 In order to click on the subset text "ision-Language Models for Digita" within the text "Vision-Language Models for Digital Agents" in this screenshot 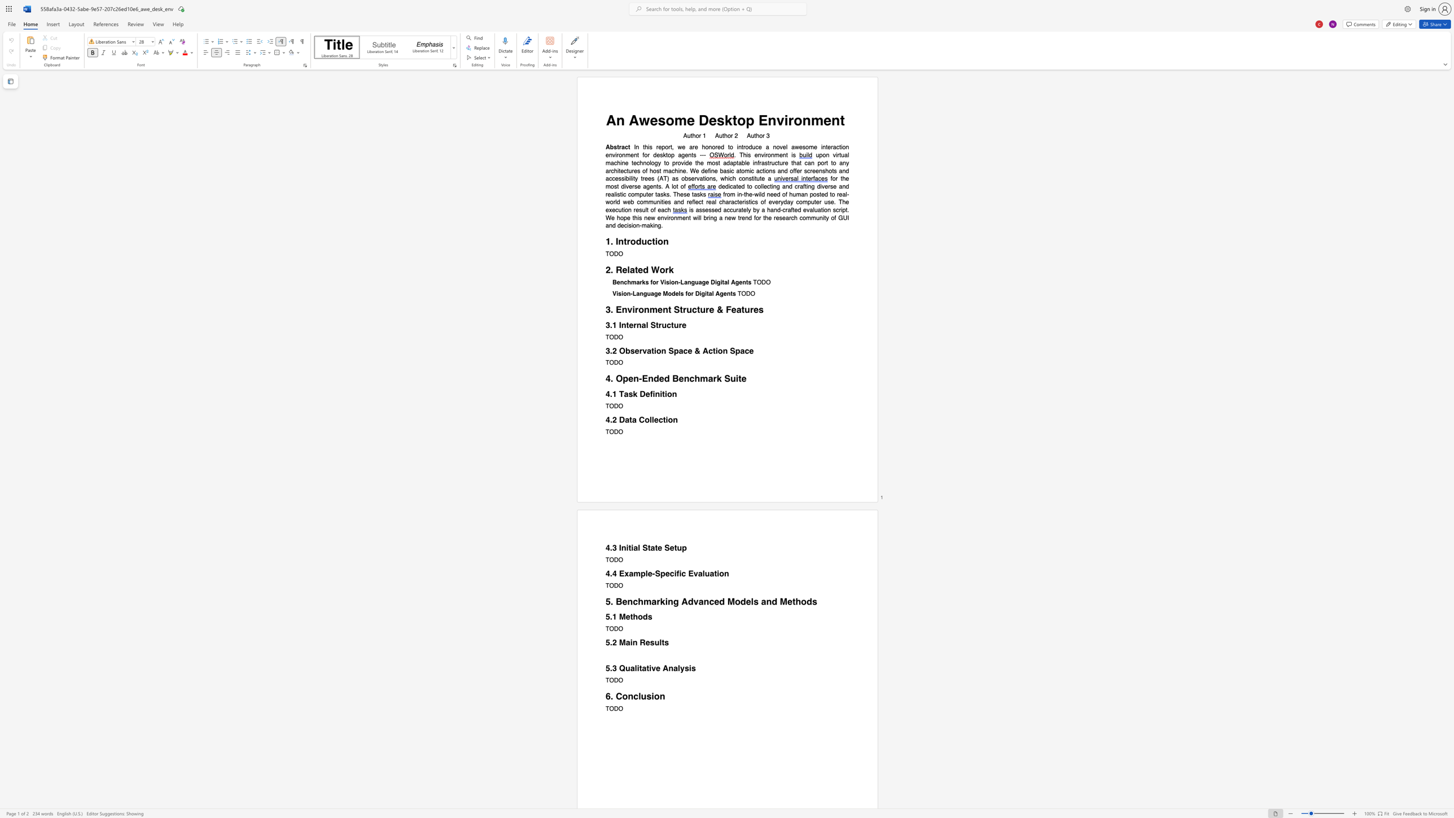, I will do `click(616, 294)`.